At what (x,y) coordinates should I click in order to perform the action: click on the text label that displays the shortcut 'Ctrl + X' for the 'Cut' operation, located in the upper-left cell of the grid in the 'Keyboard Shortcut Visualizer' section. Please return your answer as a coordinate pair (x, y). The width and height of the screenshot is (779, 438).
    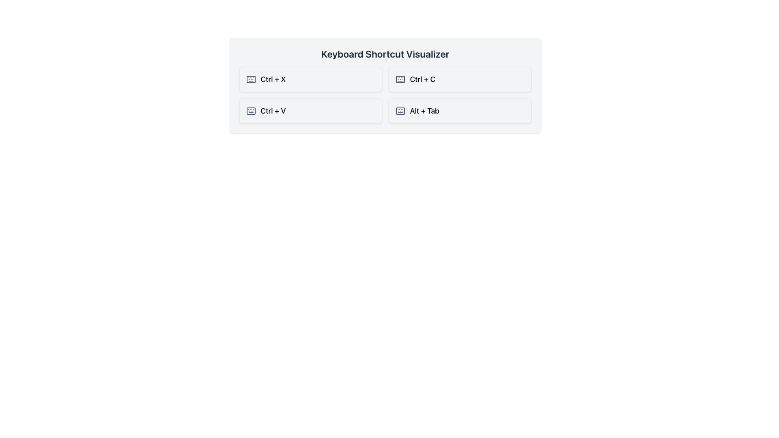
    Looking at the image, I should click on (273, 79).